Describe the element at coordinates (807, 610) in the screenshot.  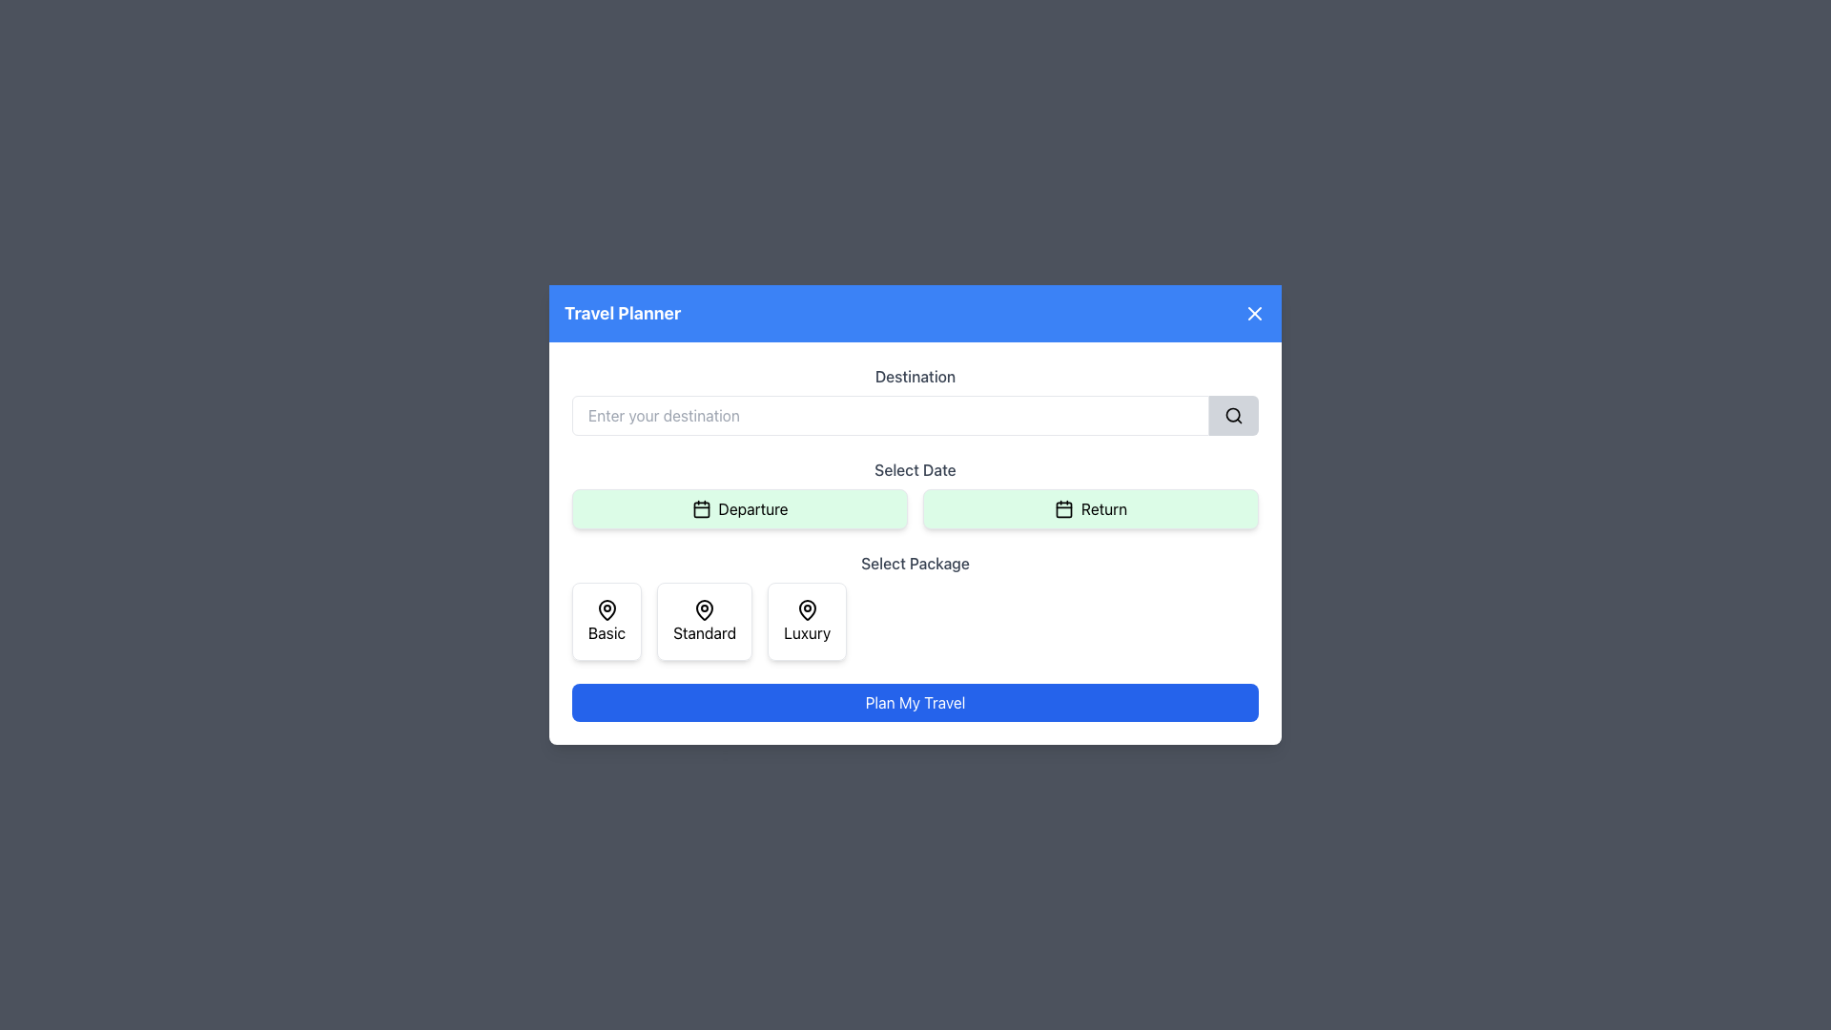
I see `the map pin icon outlined in black, located in the upper center of the 'Luxury' package option card, above the text 'Luxury'` at that location.